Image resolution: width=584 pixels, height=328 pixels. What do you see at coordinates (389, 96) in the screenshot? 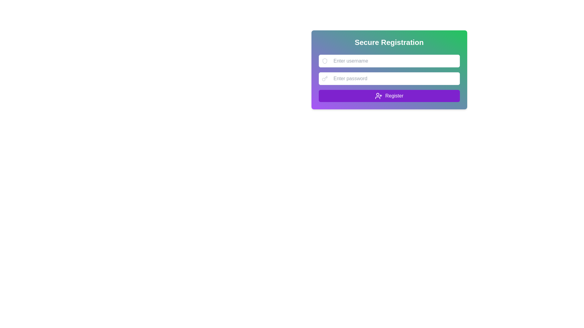
I see `the registration button located at the bottom of the registration form to proceed with the registration process` at bounding box center [389, 96].